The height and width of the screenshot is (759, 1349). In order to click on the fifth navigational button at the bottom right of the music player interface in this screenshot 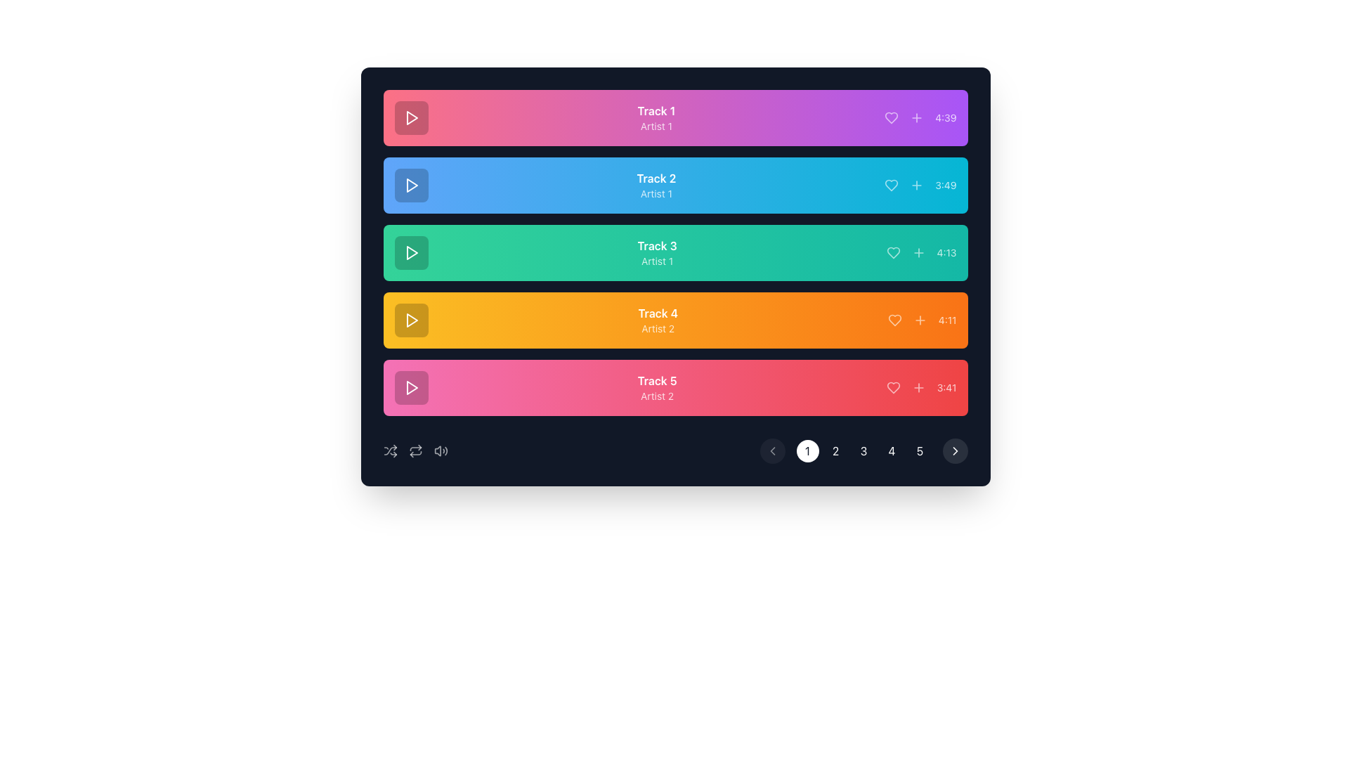, I will do `click(920, 450)`.